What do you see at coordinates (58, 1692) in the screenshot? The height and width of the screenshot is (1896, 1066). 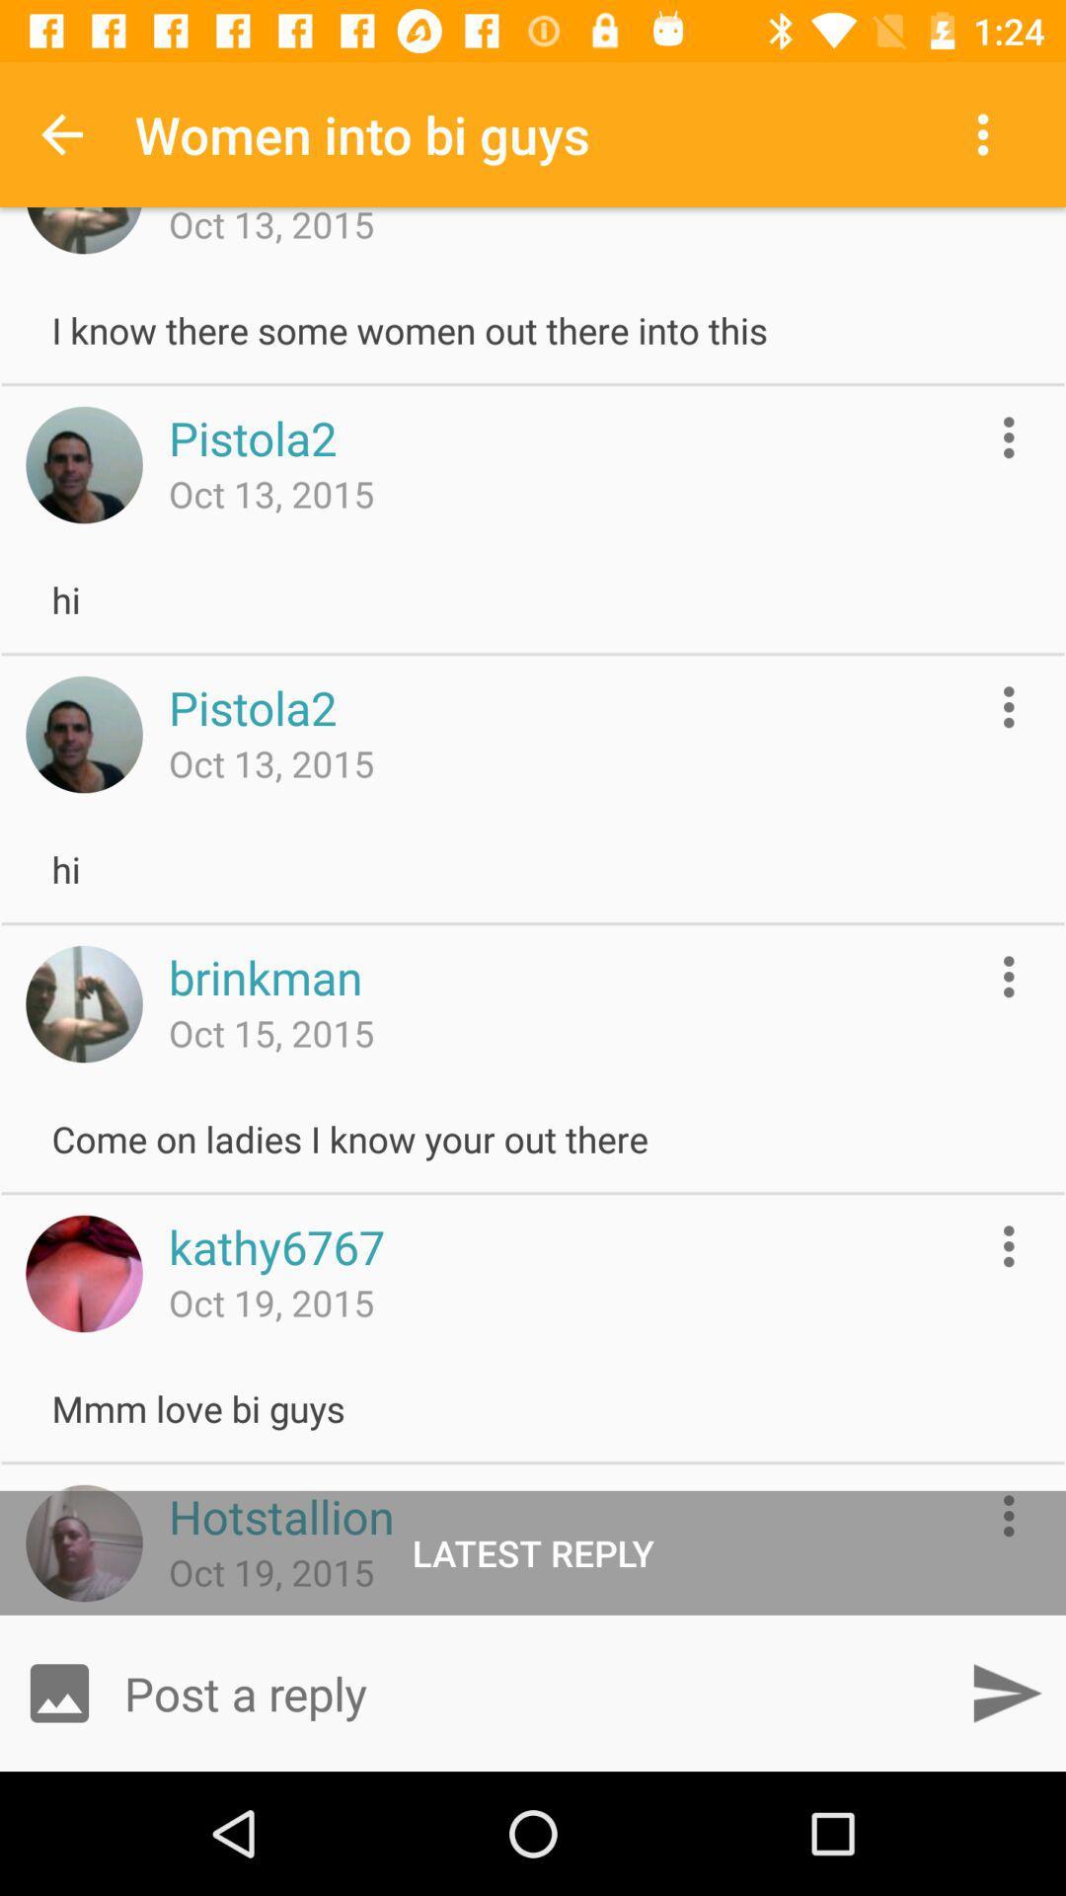 I see `the wallpaper icon` at bounding box center [58, 1692].